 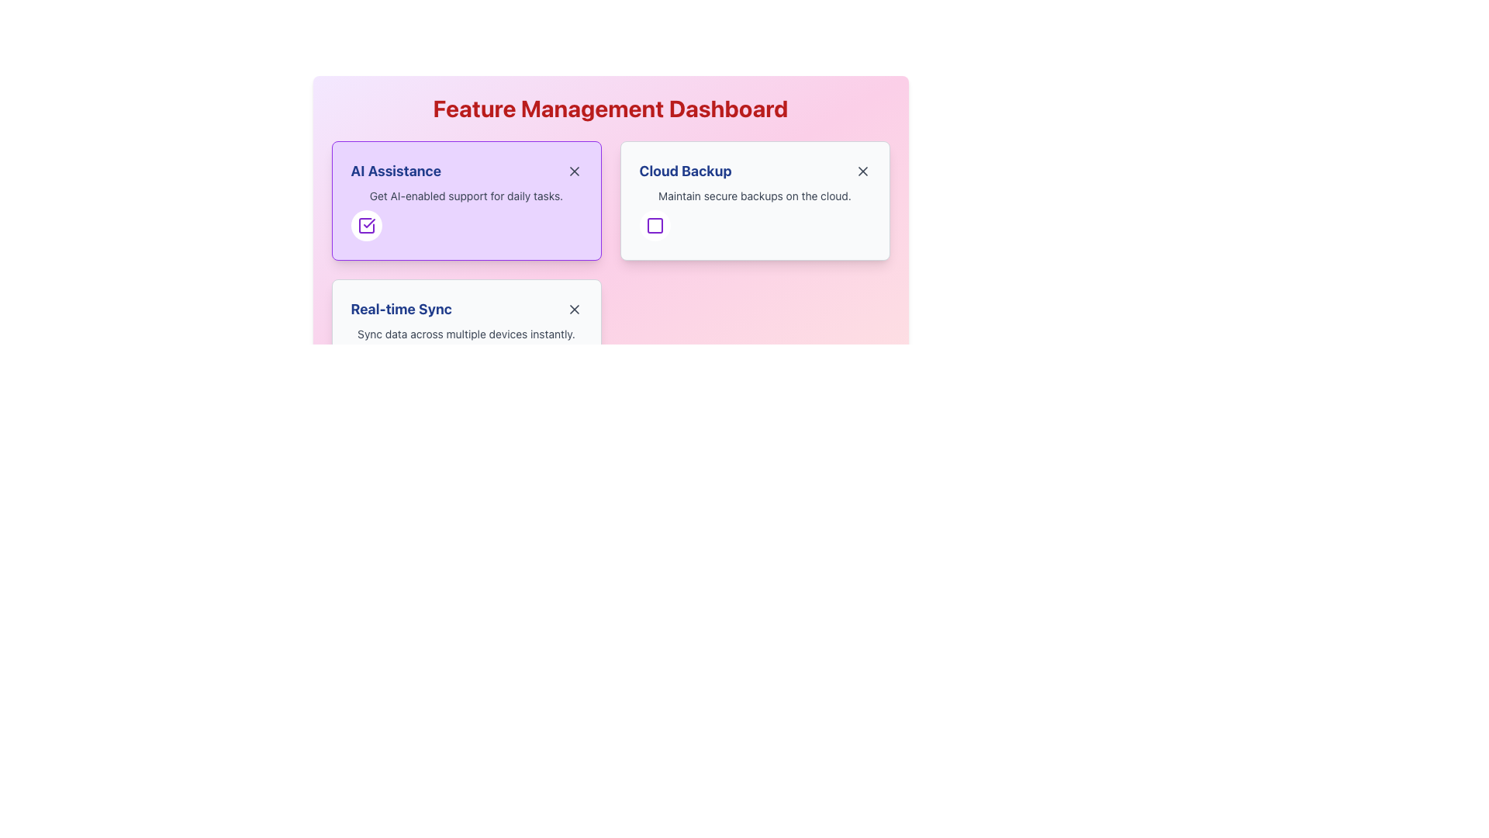 What do you see at coordinates (862, 171) in the screenshot?
I see `the button located at the top-right corner of the 'Cloud Backup' card to change its color` at bounding box center [862, 171].